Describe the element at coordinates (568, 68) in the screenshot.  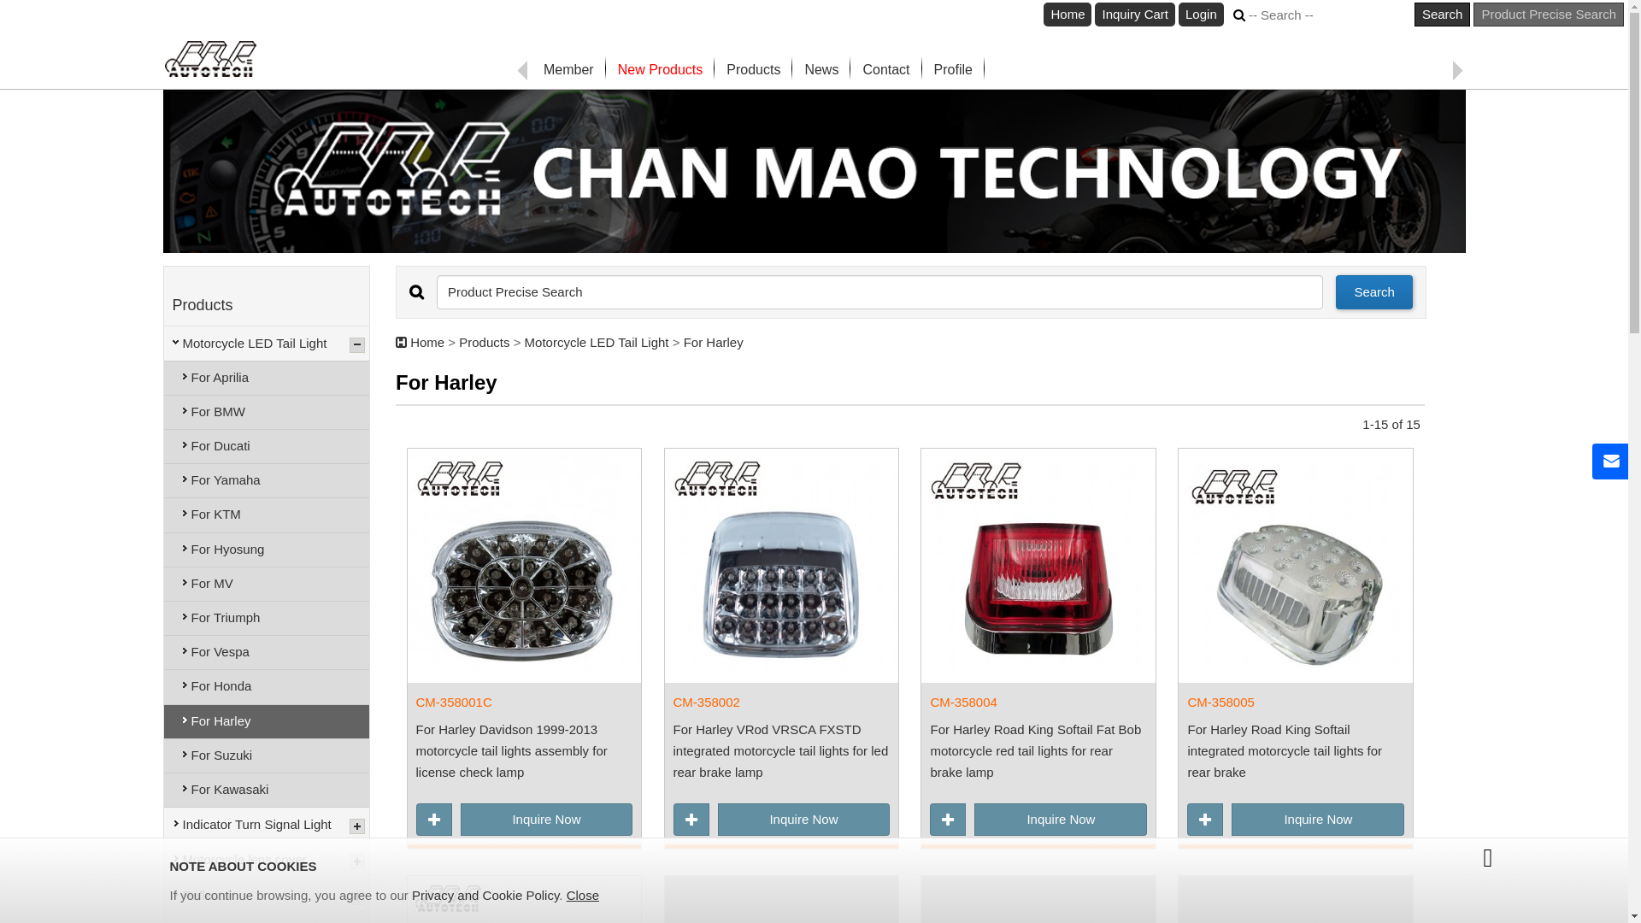
I see `'Member'` at that location.